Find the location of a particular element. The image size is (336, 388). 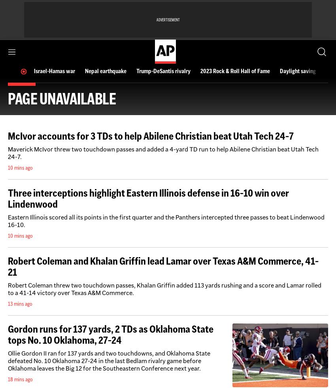

'18 mins ago' is located at coordinates (20, 379).